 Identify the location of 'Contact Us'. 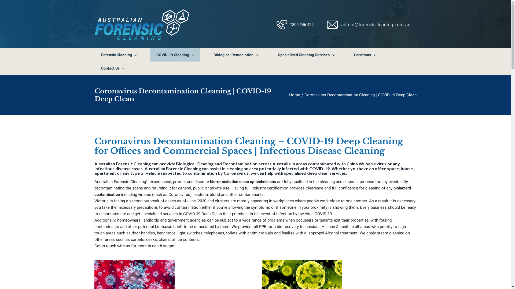
(94, 68).